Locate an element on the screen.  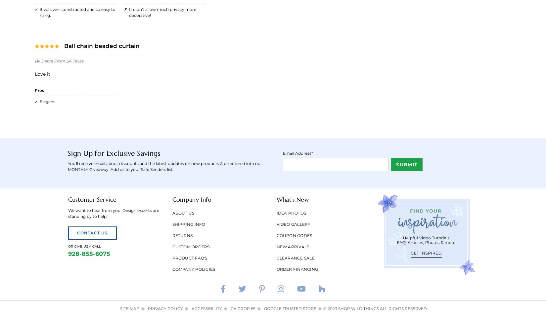
'© 2023 Shop Wild Things All Rights Reserved.' is located at coordinates (375, 308).